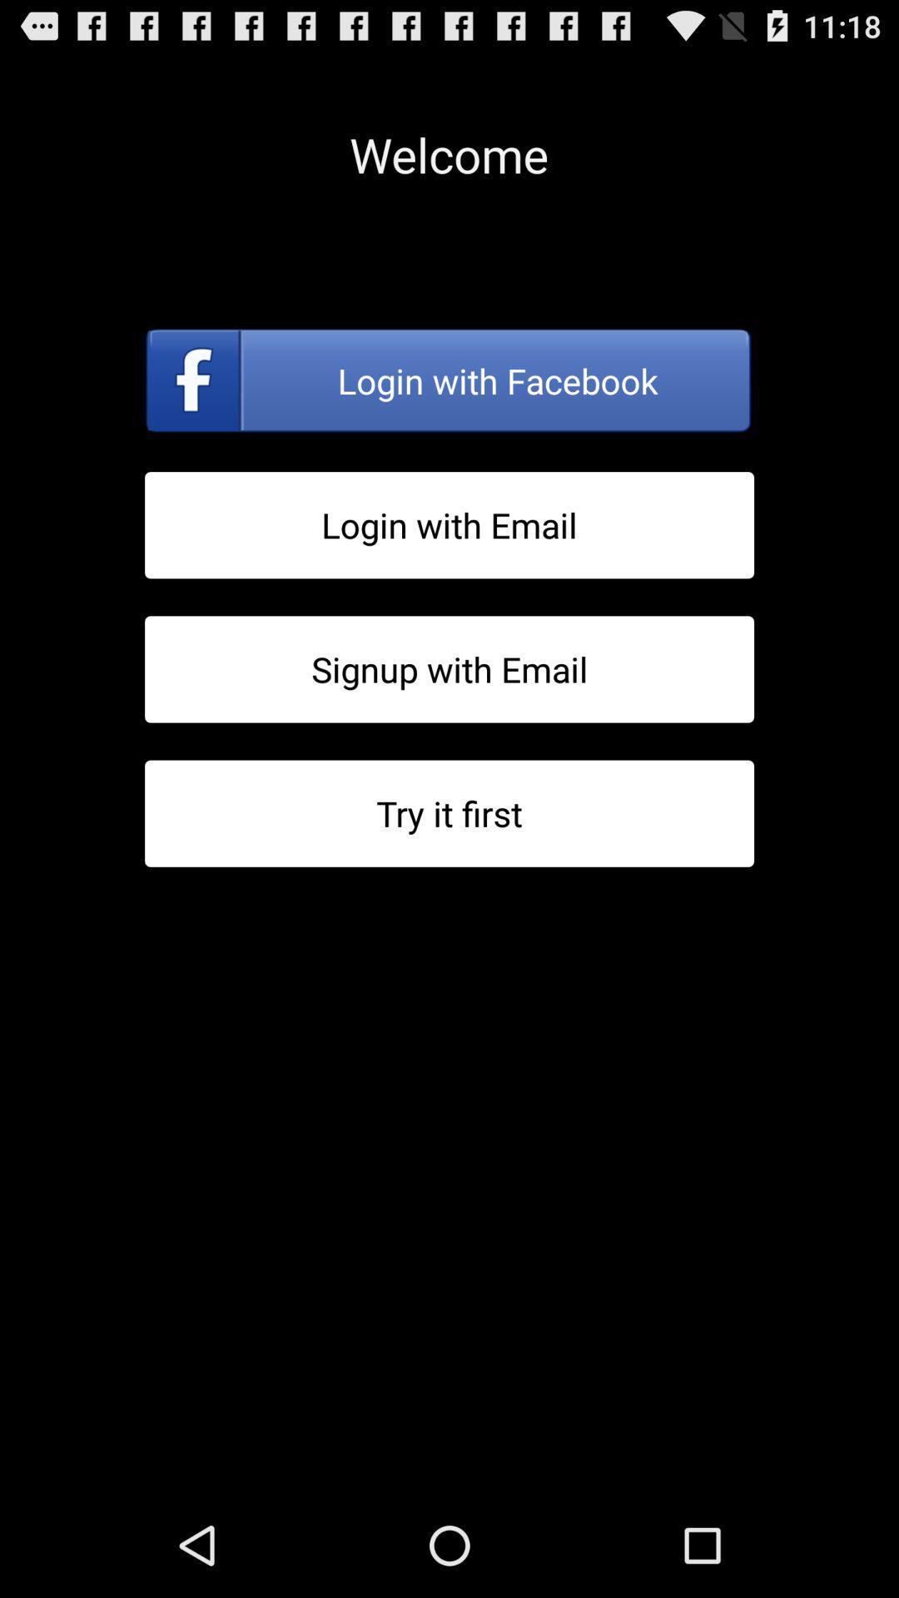  I want to click on try it before signing up, so click(449, 813).